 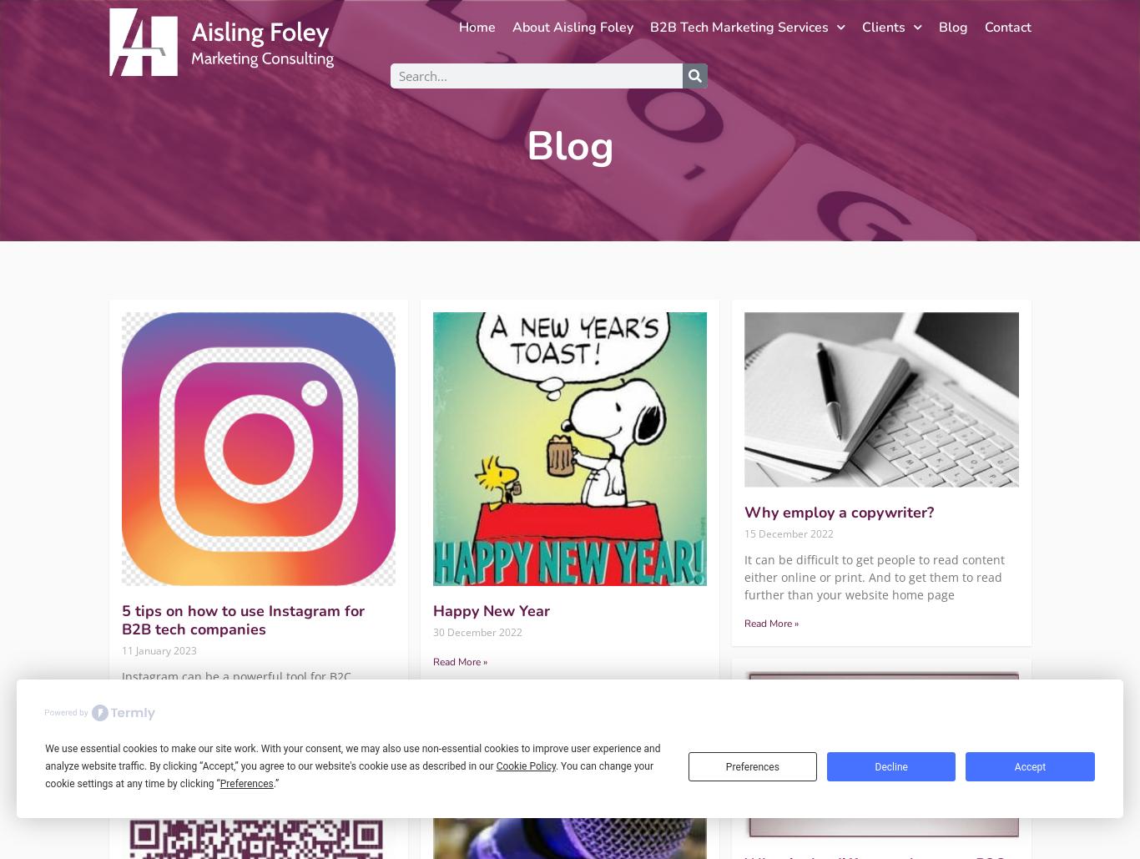 I want to click on '5 tips on how to use Instagram for B2B tech companies', so click(x=119, y=619).